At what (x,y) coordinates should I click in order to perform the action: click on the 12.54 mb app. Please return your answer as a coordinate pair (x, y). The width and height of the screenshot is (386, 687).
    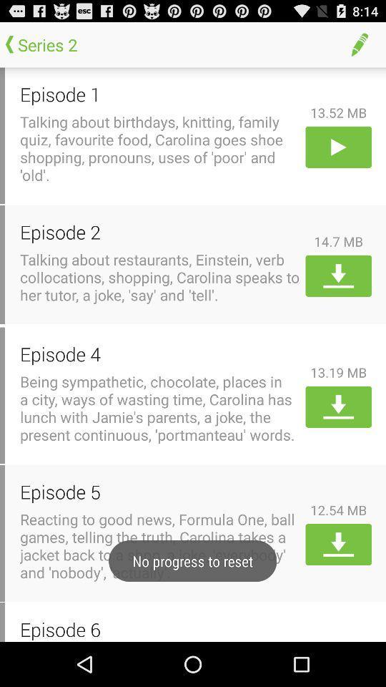
    Looking at the image, I should click on (337, 510).